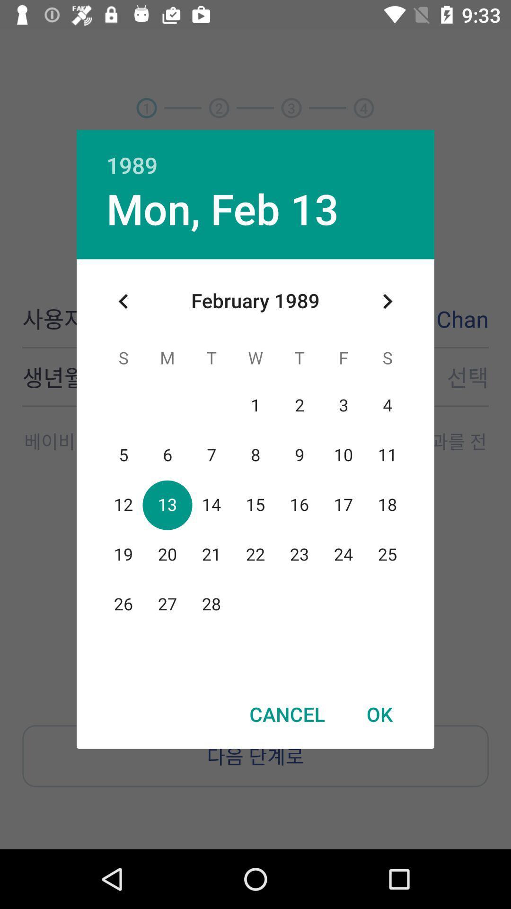 The height and width of the screenshot is (909, 511). I want to click on icon at the top right corner, so click(387, 301).